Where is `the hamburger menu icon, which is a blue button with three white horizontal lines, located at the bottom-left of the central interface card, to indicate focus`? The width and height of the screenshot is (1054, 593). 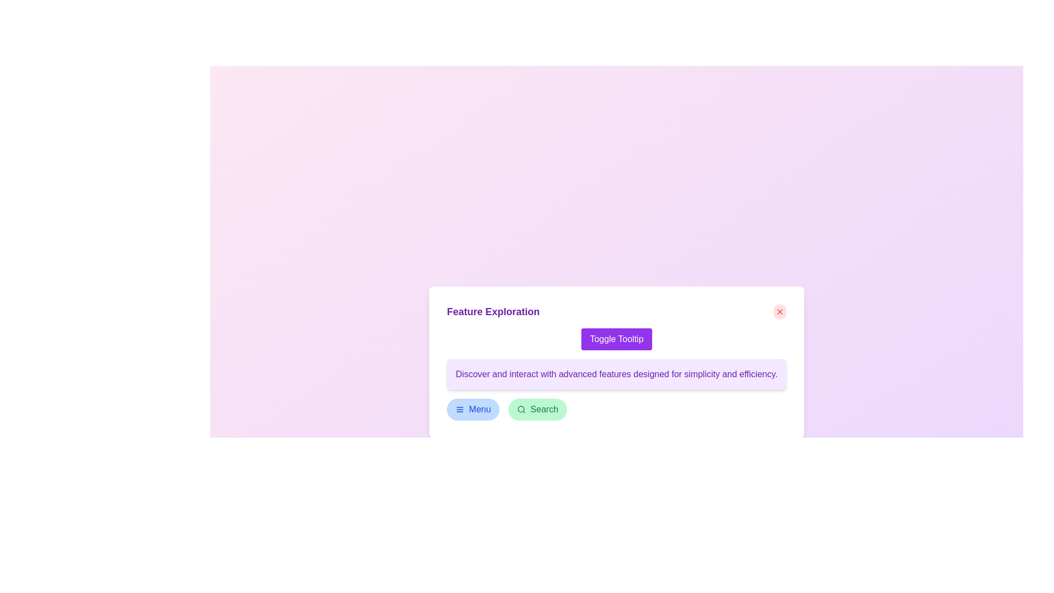
the hamburger menu icon, which is a blue button with three white horizontal lines, located at the bottom-left of the central interface card, to indicate focus is located at coordinates (460, 409).